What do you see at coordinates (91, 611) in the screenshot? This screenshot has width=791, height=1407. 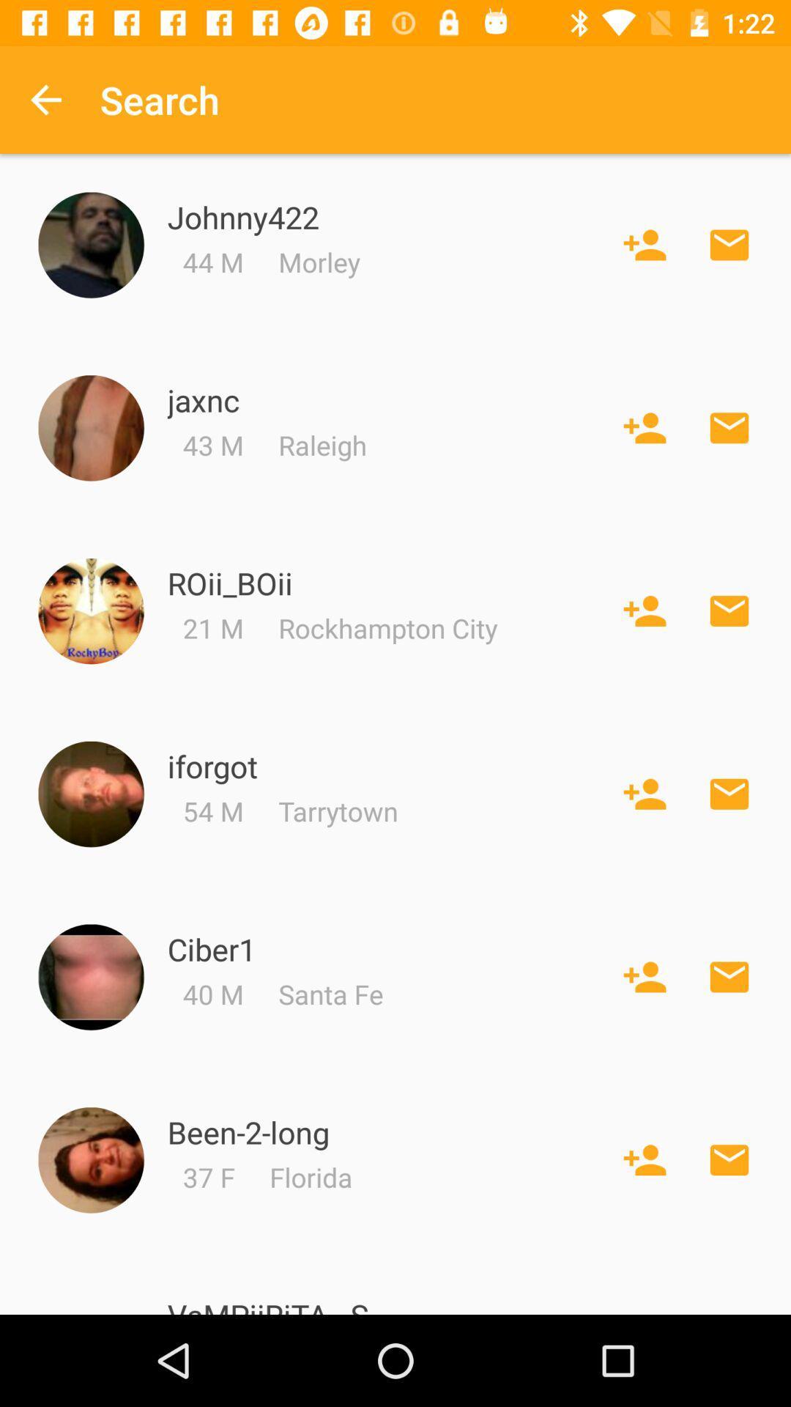 I see `profile` at bounding box center [91, 611].